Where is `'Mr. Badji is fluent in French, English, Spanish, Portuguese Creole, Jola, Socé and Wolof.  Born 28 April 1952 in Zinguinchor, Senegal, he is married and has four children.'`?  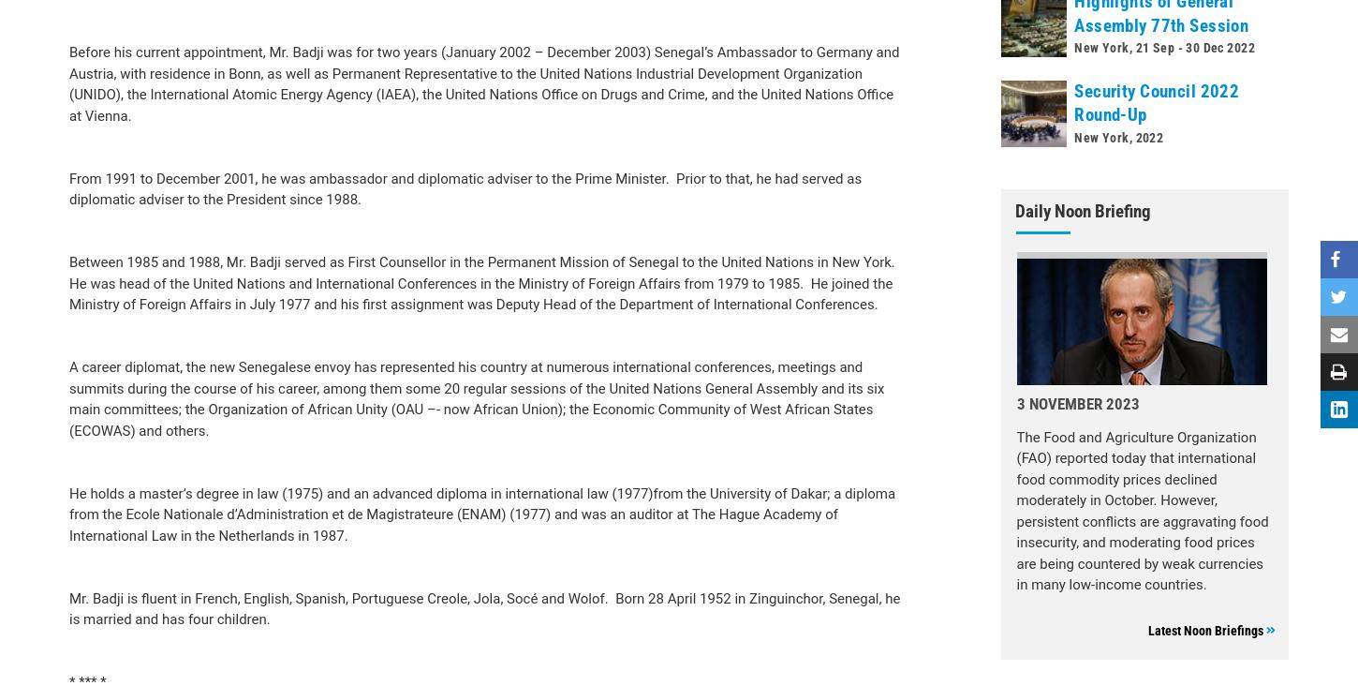 'Mr. Badji is fluent in French, English, Spanish, Portuguese Creole, Jola, Socé and Wolof.  Born 28 April 1952 in Zinguinchor, Senegal, he is married and has four children.' is located at coordinates (484, 431).